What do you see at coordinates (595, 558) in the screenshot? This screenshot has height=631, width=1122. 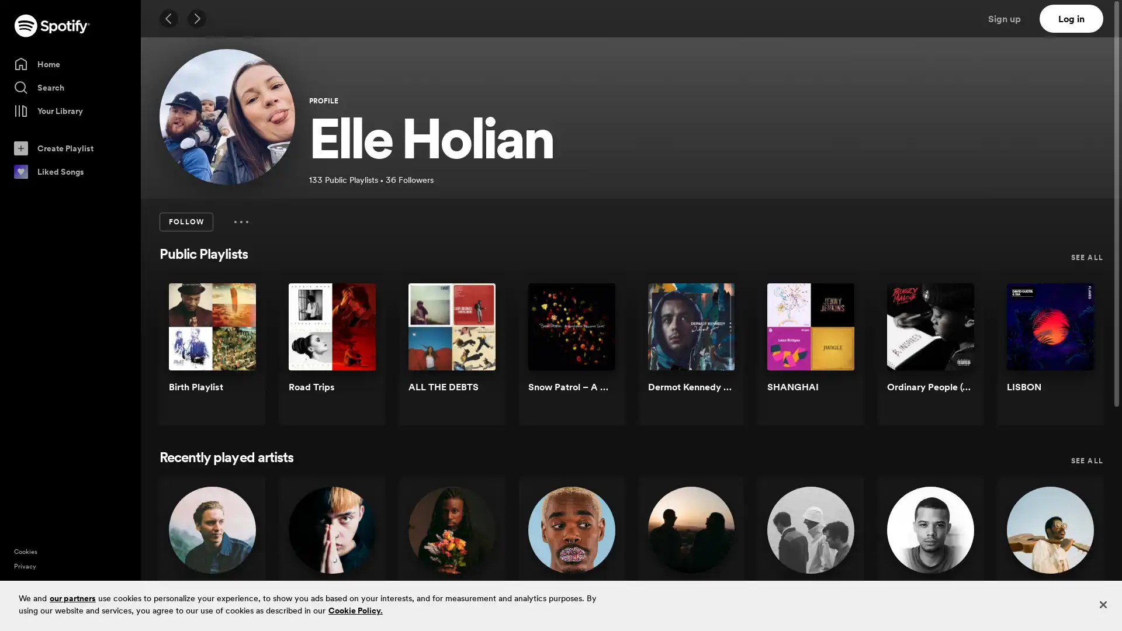 I see `Play Otis Junior` at bounding box center [595, 558].